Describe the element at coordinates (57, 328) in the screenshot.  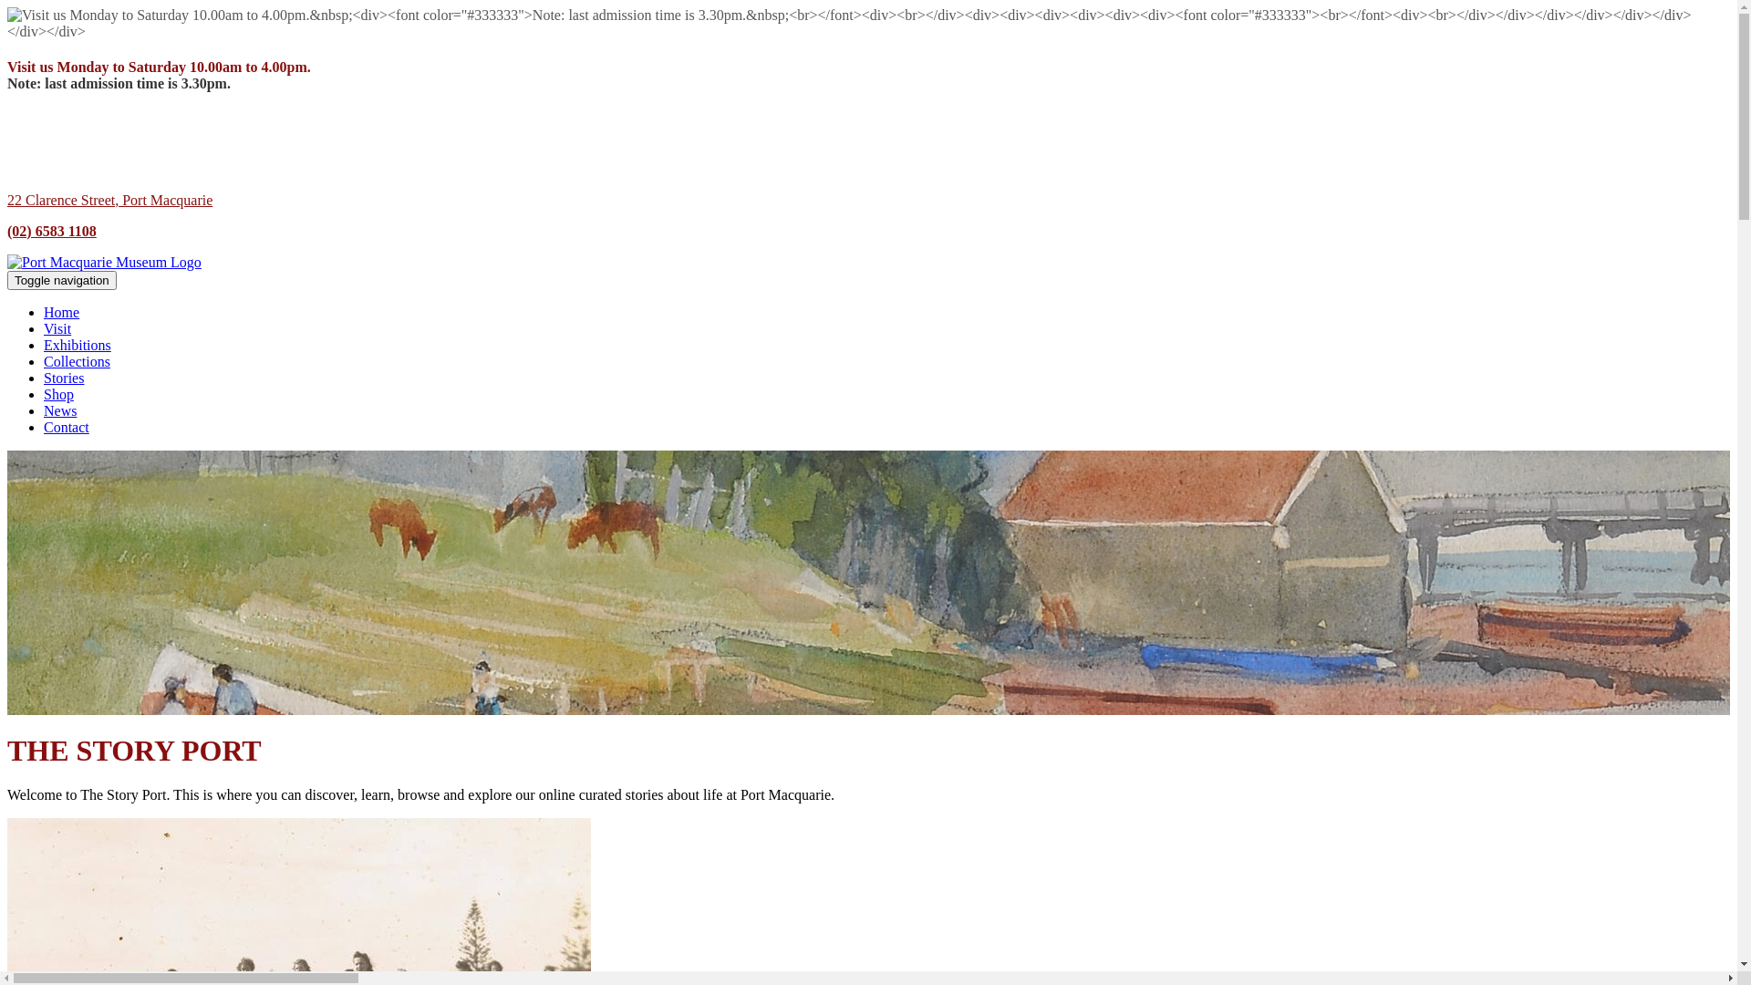
I see `'Visit'` at that location.